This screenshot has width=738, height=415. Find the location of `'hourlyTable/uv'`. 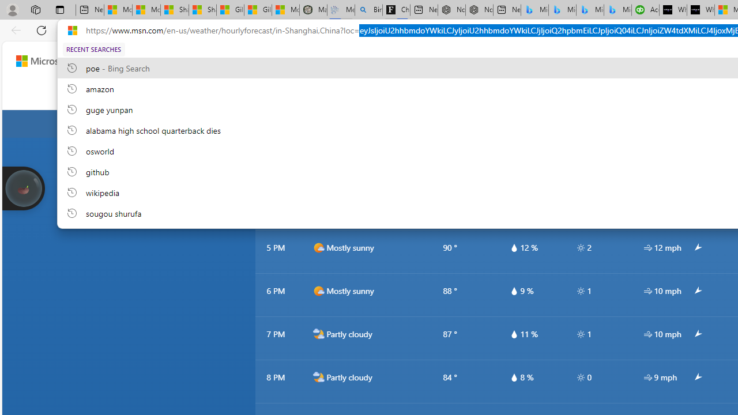

'hourlyTable/uv' is located at coordinates (581, 377).